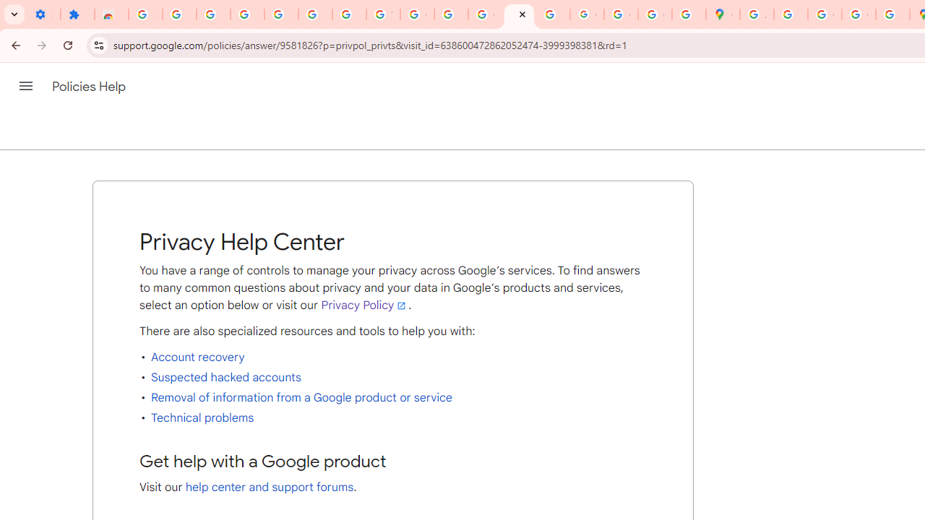 The height and width of the screenshot is (520, 925). I want to click on 'Technical problems', so click(202, 417).